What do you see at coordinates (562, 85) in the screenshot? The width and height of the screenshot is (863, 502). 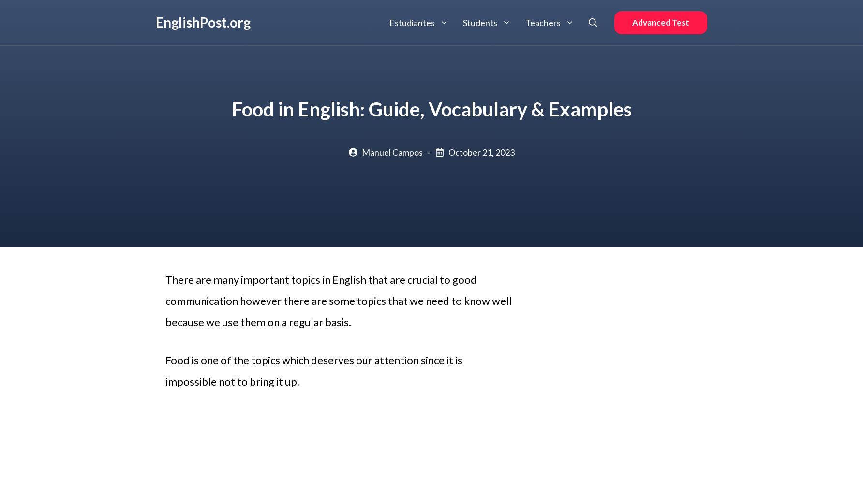 I see `'Conjunciones'` at bounding box center [562, 85].